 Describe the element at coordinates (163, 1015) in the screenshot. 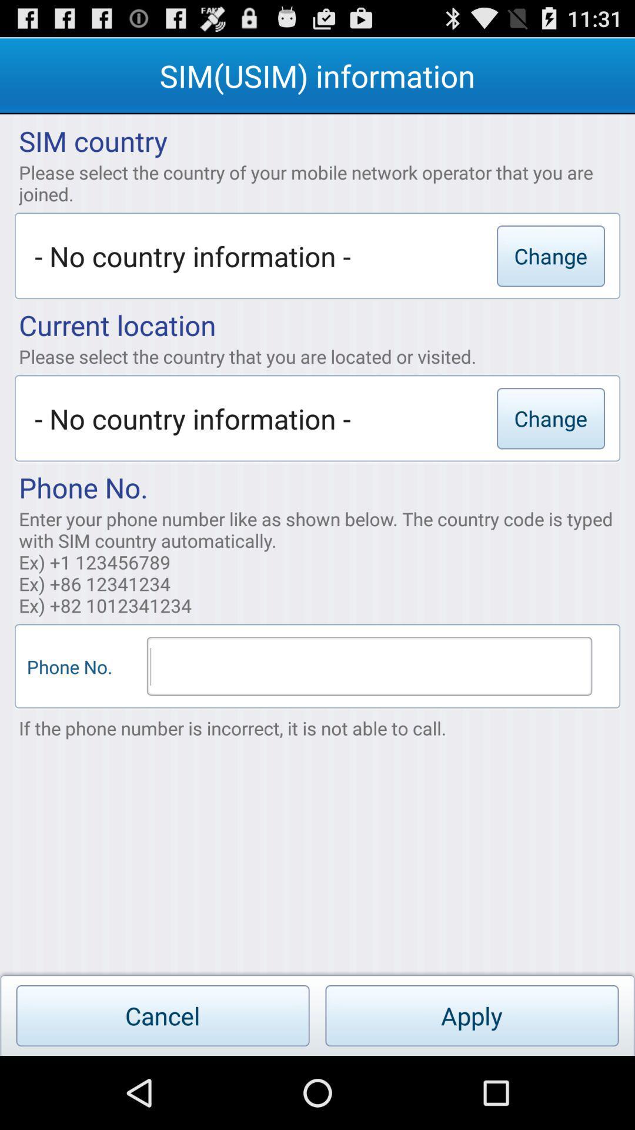

I see `the item next to the apply button` at that location.